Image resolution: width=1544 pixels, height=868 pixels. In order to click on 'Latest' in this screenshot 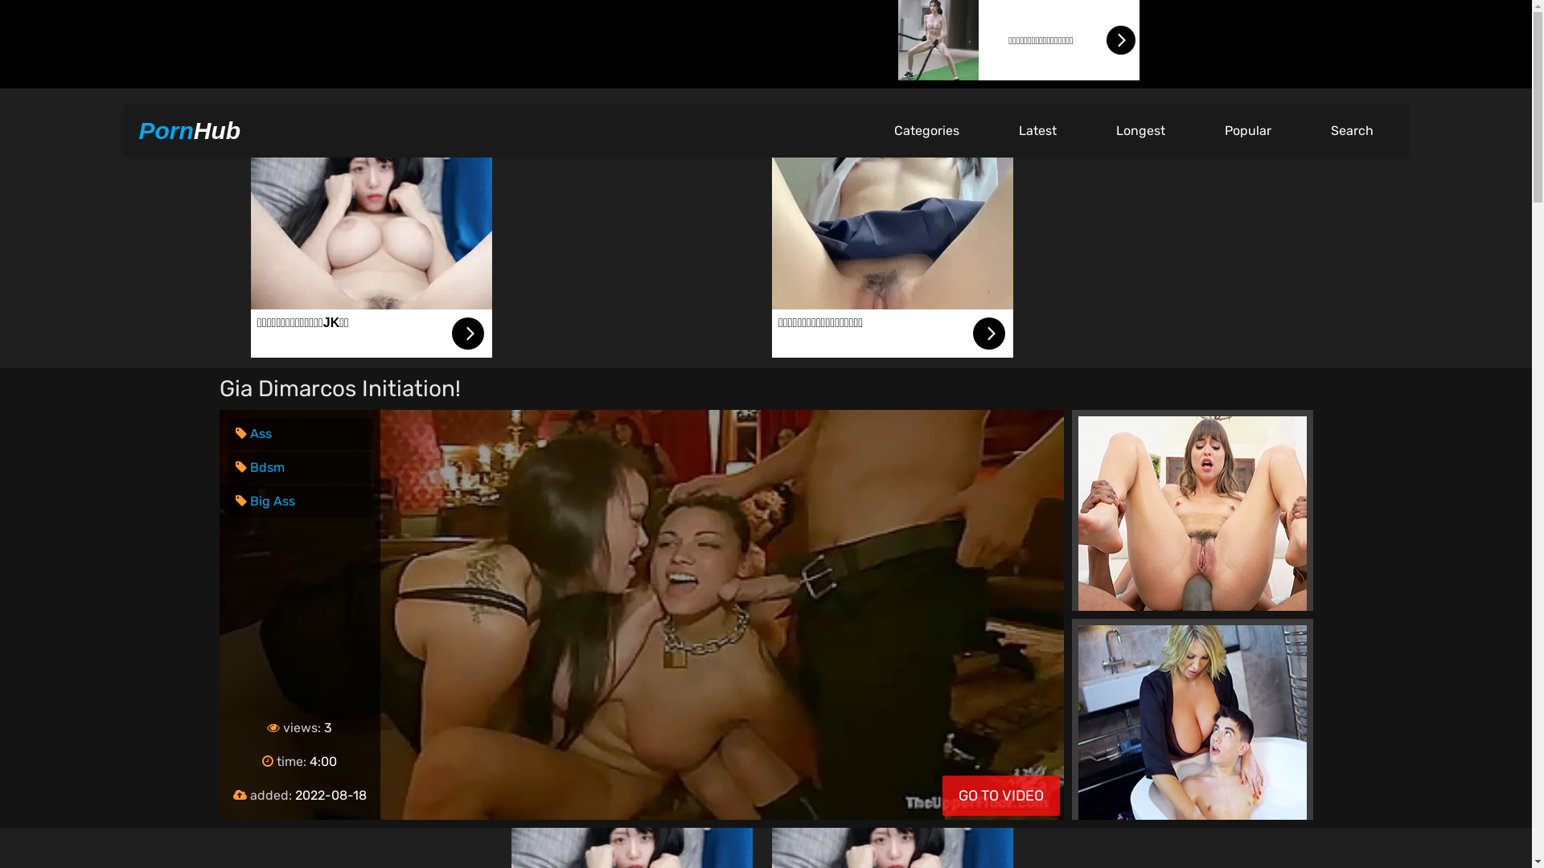, I will do `click(1037, 129)`.